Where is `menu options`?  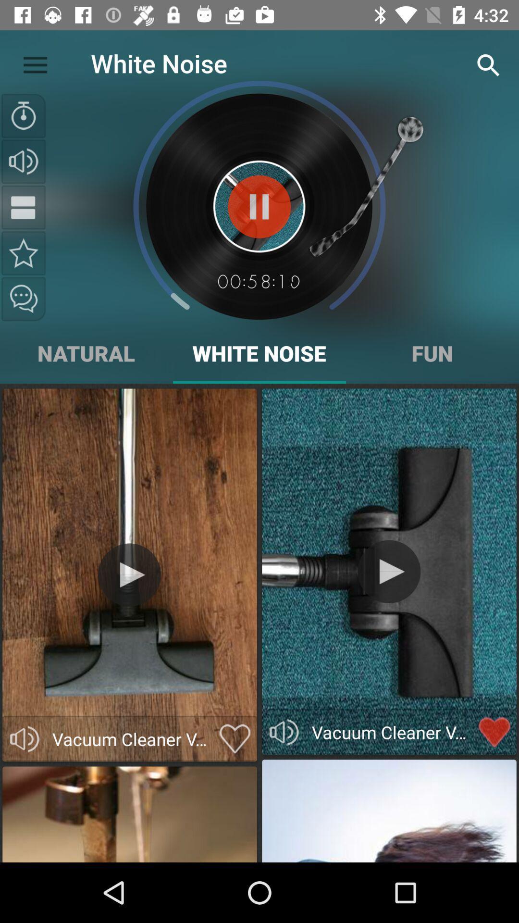 menu options is located at coordinates (23, 207).